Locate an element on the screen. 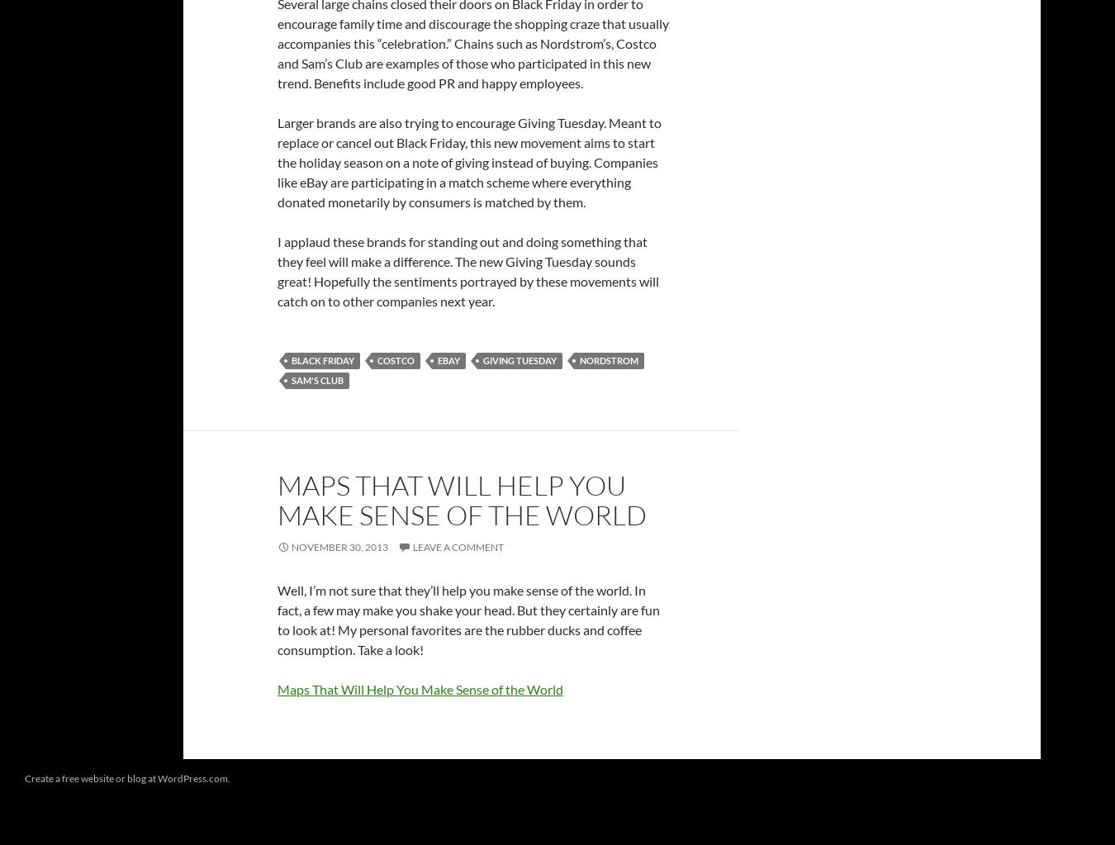 The height and width of the screenshot is (845, 1115). 'eBay' is located at coordinates (448, 359).